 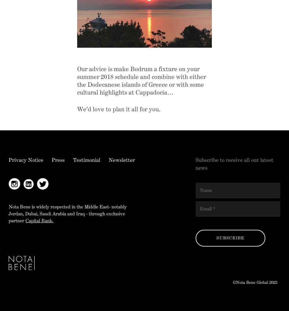 I want to click on 'Nota Bene is widely respected in the Middle East- notably Jordan, Dubai, Saudi Arabia and Iraq - through exclusive partner', so click(x=67, y=213).